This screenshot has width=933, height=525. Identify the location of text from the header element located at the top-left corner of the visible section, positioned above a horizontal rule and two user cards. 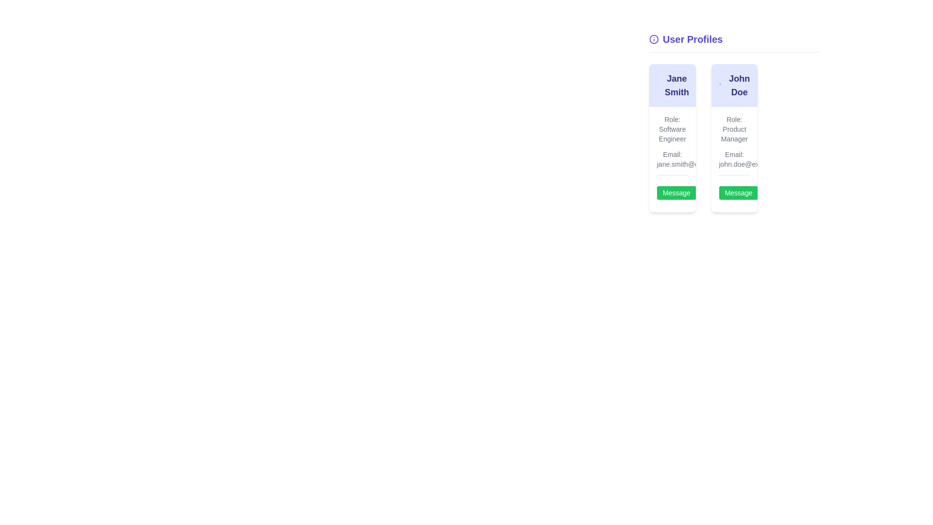
(685, 39).